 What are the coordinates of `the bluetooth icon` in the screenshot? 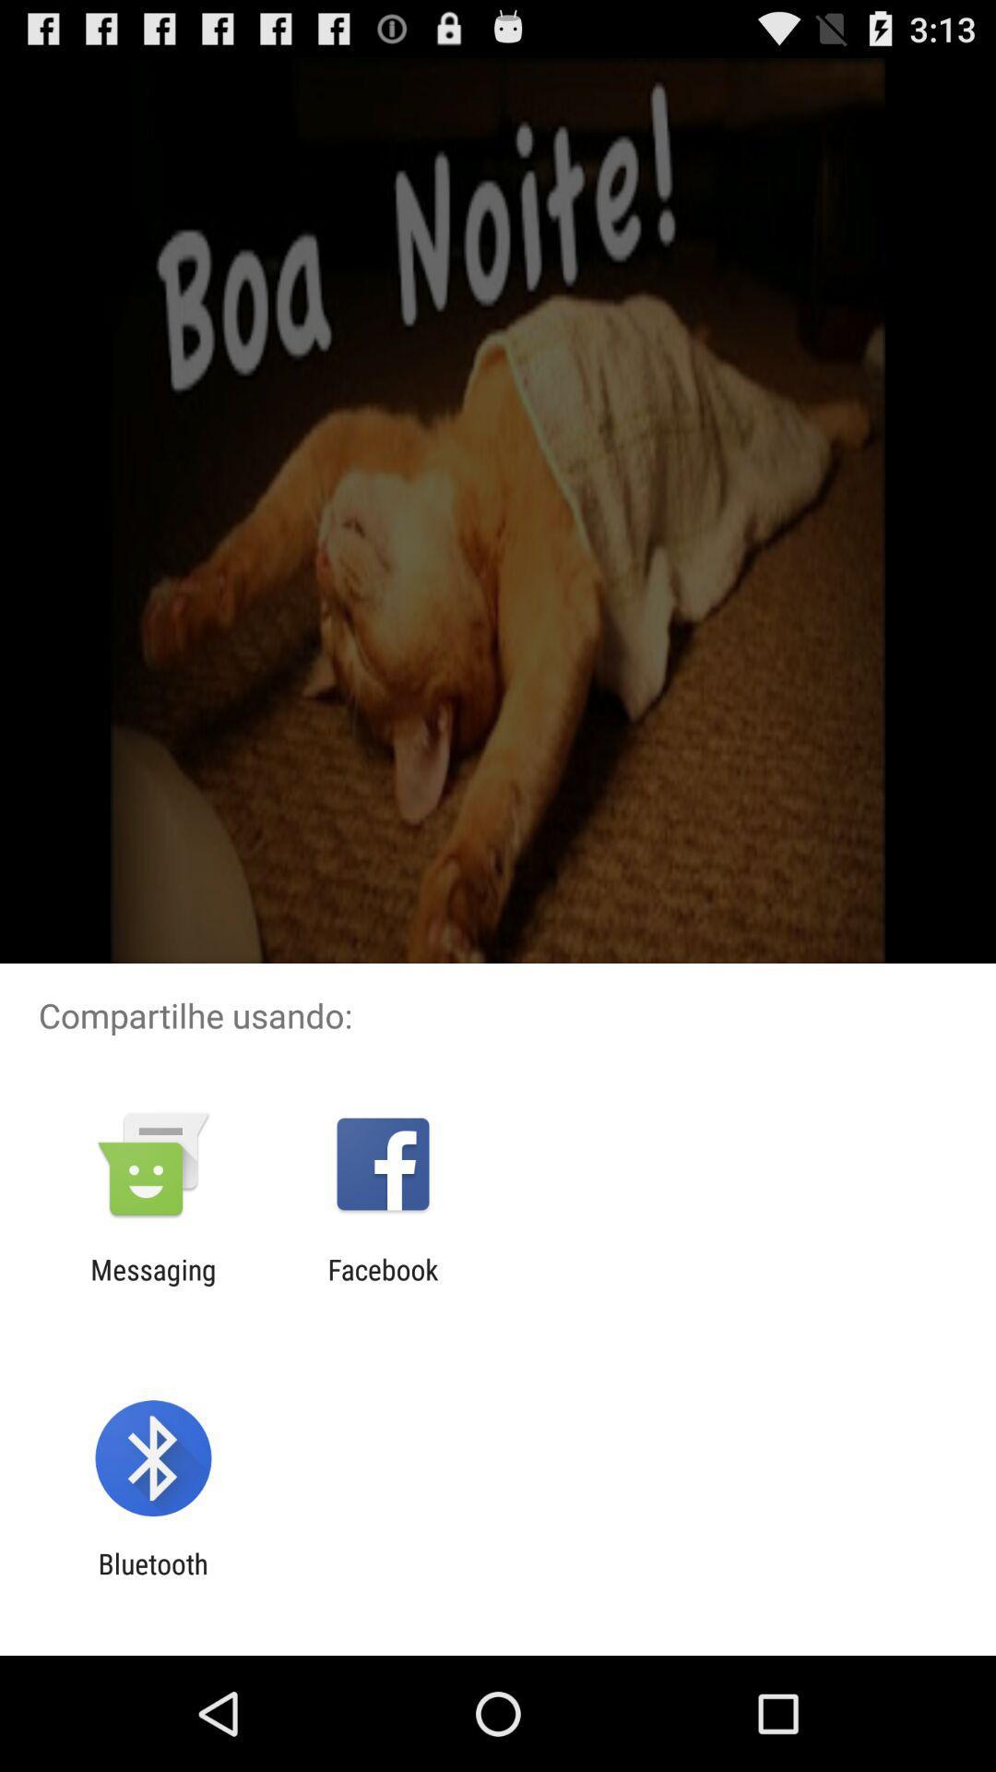 It's located at (152, 1579).